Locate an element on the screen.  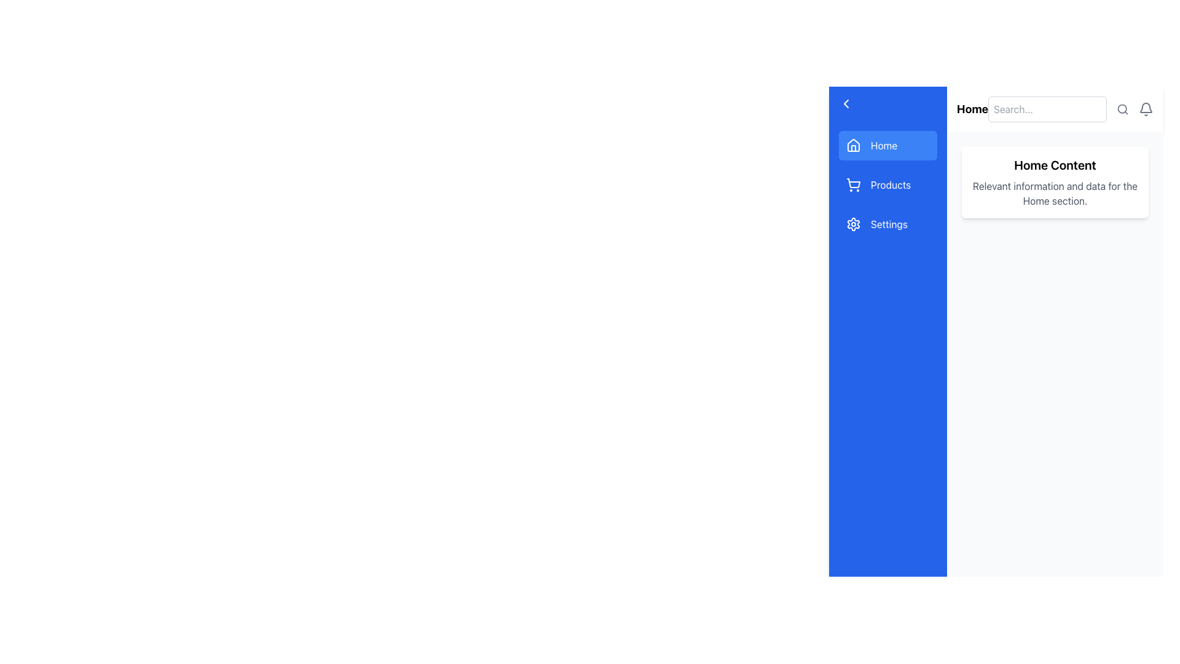
the chevron icon located in the top-left section of the blue navigation panel is located at coordinates (846, 103).